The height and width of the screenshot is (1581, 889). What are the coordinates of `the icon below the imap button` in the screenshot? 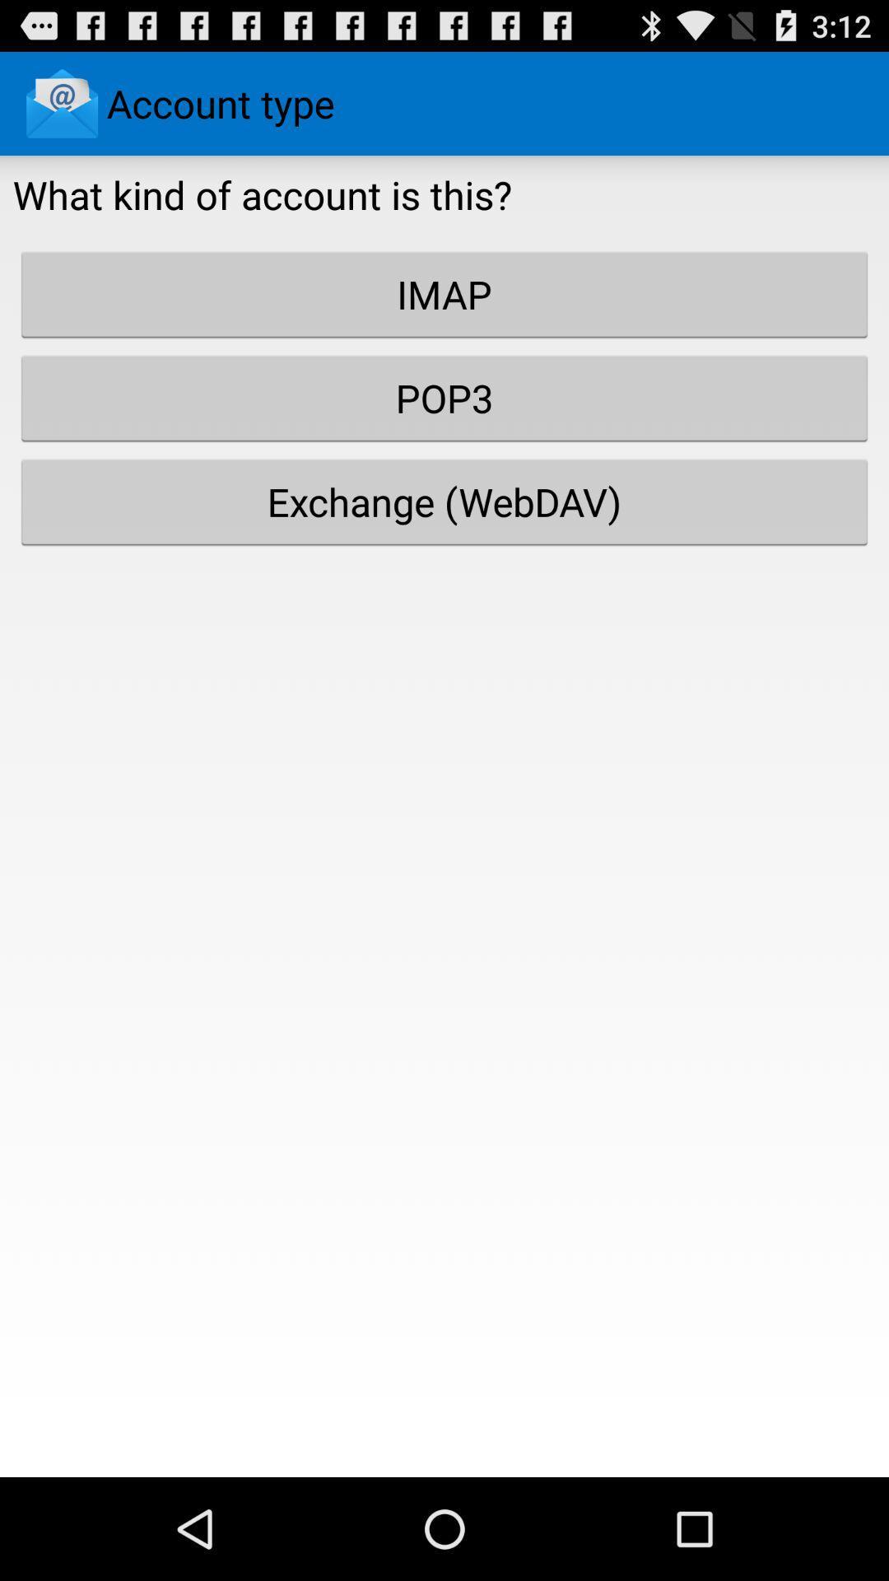 It's located at (444, 398).